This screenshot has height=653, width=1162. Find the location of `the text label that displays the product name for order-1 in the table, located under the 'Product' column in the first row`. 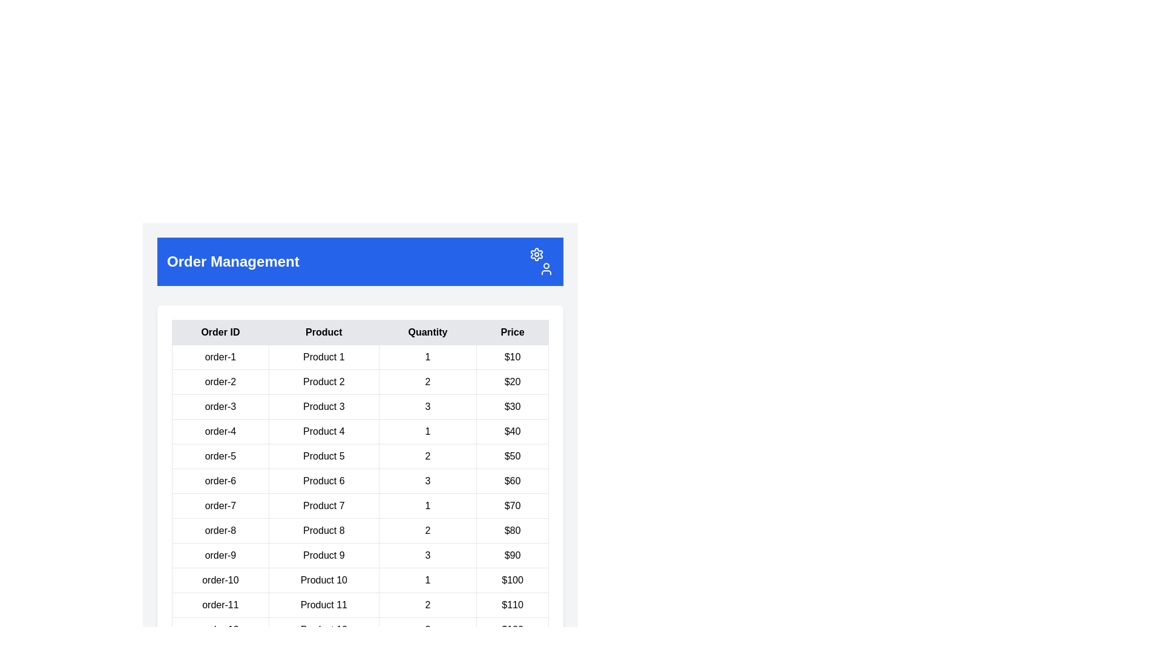

the text label that displays the product name for order-1 in the table, located under the 'Product' column in the first row is located at coordinates (324, 356).